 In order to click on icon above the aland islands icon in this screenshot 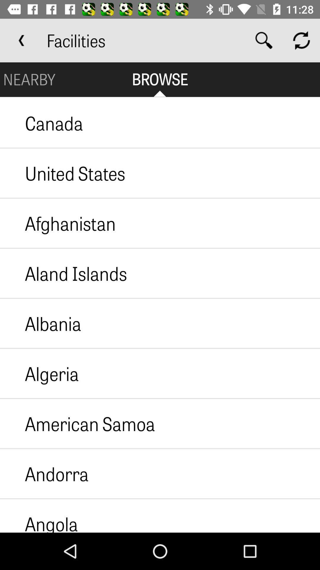, I will do `click(58, 223)`.